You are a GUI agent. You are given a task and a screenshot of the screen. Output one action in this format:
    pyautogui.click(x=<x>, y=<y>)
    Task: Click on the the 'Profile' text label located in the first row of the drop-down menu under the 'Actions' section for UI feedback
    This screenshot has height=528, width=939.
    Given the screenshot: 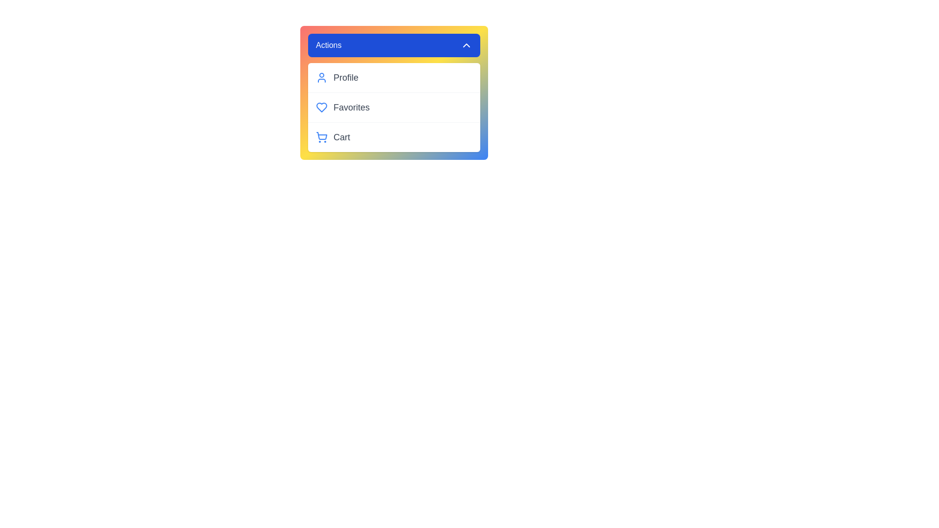 What is the action you would take?
    pyautogui.click(x=346, y=77)
    